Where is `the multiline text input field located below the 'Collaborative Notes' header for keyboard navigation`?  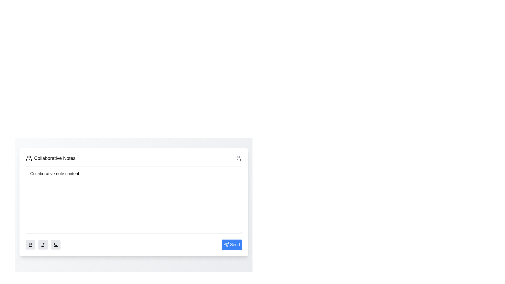 the multiline text input field located below the 'Collaborative Notes' header for keyboard navigation is located at coordinates (134, 200).